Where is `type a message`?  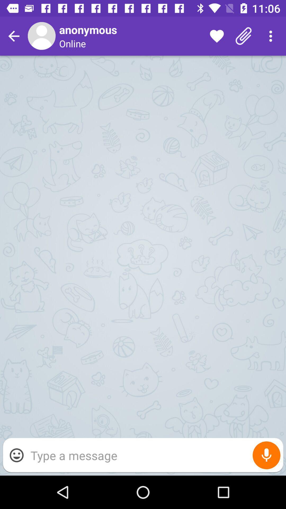
type a message is located at coordinates (154, 455).